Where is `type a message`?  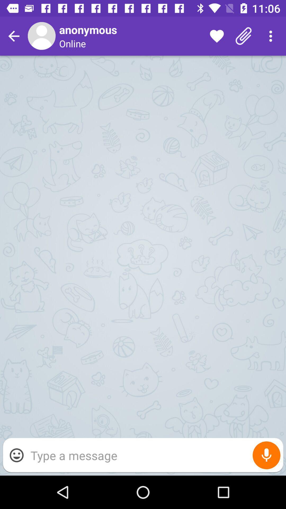
type a message is located at coordinates (154, 455).